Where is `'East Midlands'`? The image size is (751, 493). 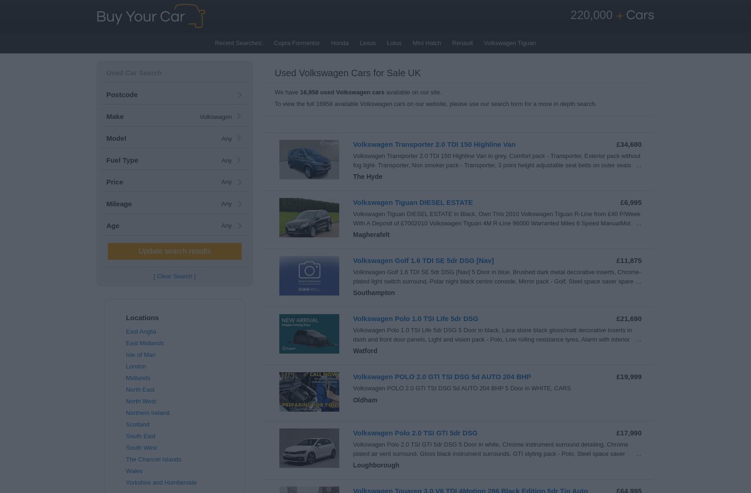 'East Midlands' is located at coordinates (144, 343).